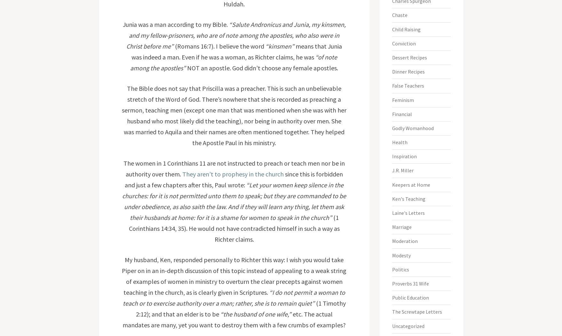 The height and width of the screenshot is (336, 562). I want to click on '“I do not permit a woman to teach or to exercise authority over a man; rather, she is to remain quiet”', so click(233, 297).